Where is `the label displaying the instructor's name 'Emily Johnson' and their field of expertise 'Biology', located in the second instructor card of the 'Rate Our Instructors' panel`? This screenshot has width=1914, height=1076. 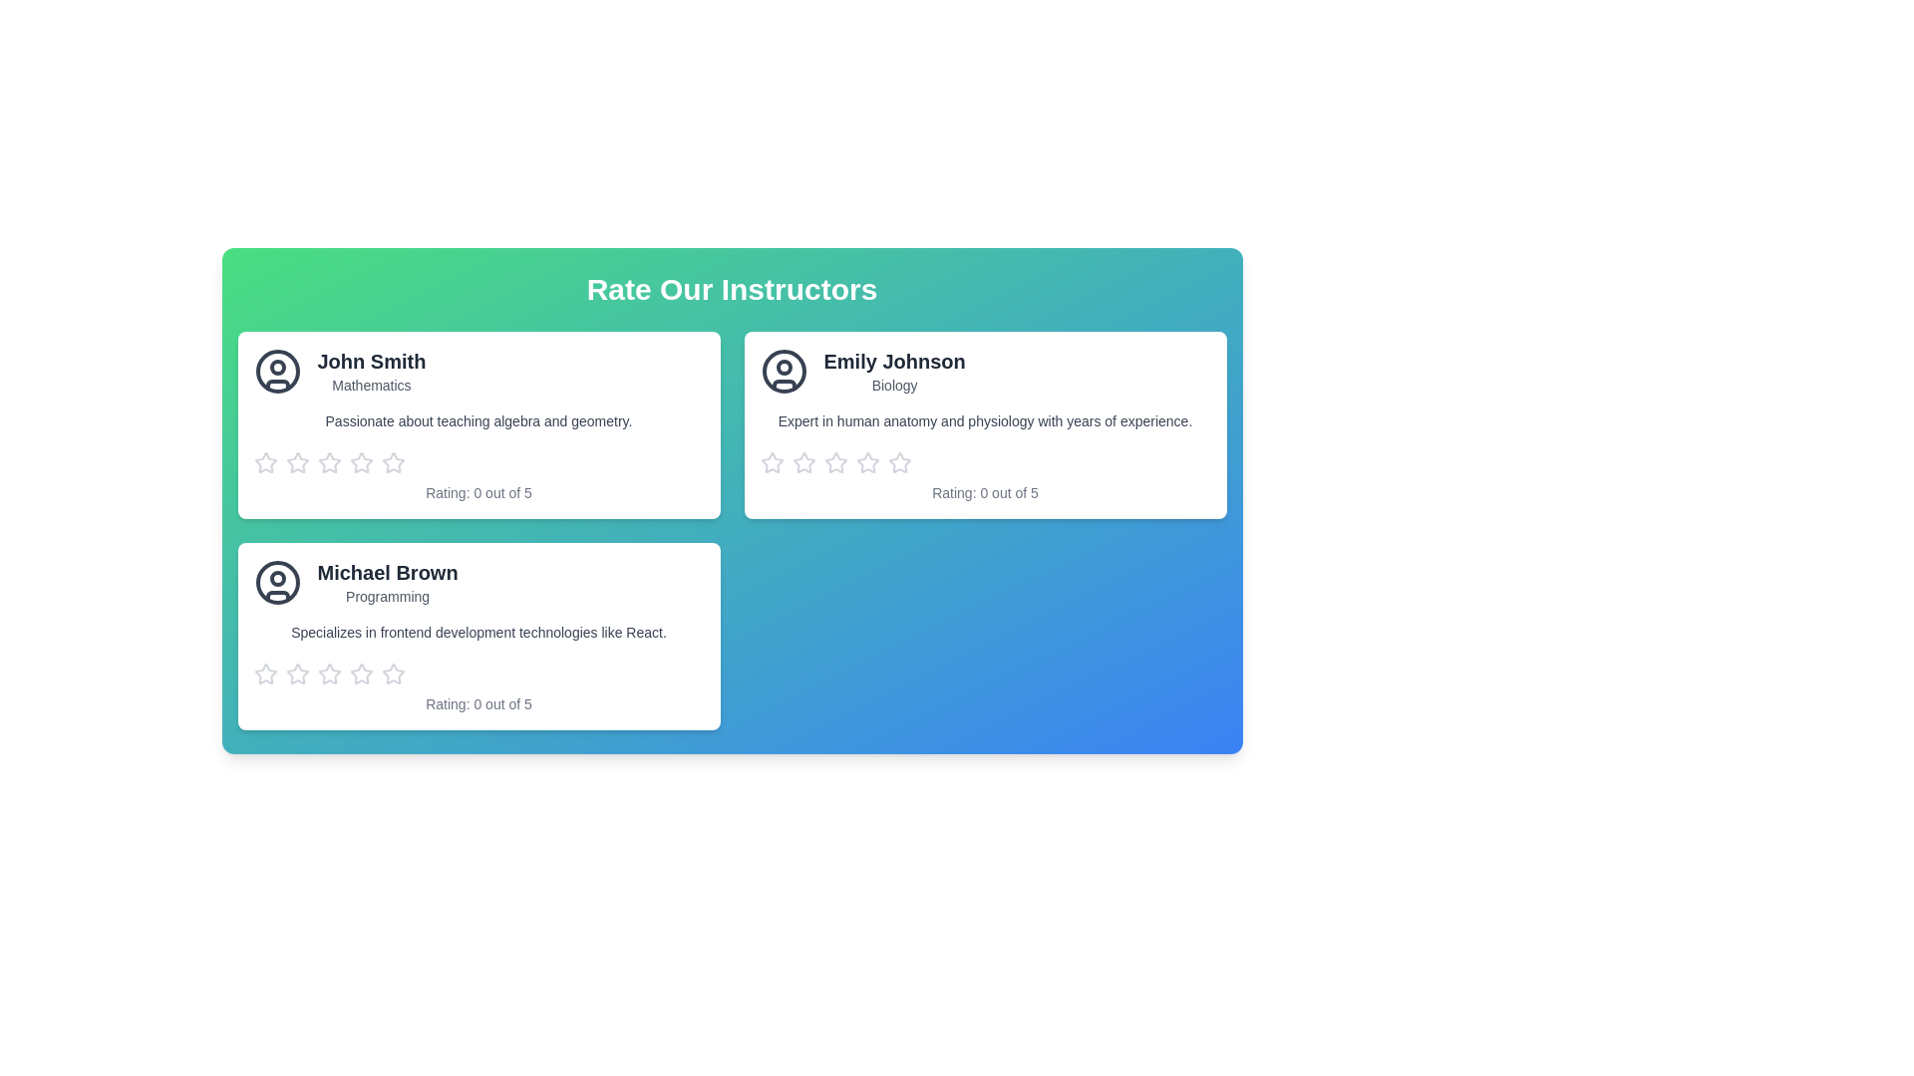 the label displaying the instructor's name 'Emily Johnson' and their field of expertise 'Biology', located in the second instructor card of the 'Rate Our Instructors' panel is located at coordinates (893, 372).